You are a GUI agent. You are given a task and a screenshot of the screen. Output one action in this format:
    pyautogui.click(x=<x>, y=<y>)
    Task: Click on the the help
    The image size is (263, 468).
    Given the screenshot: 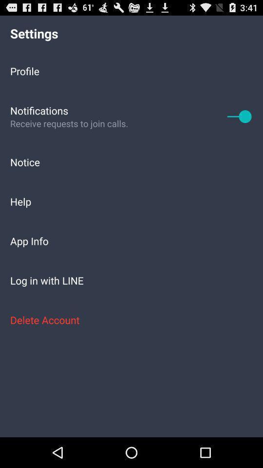 What is the action you would take?
    pyautogui.click(x=131, y=201)
    